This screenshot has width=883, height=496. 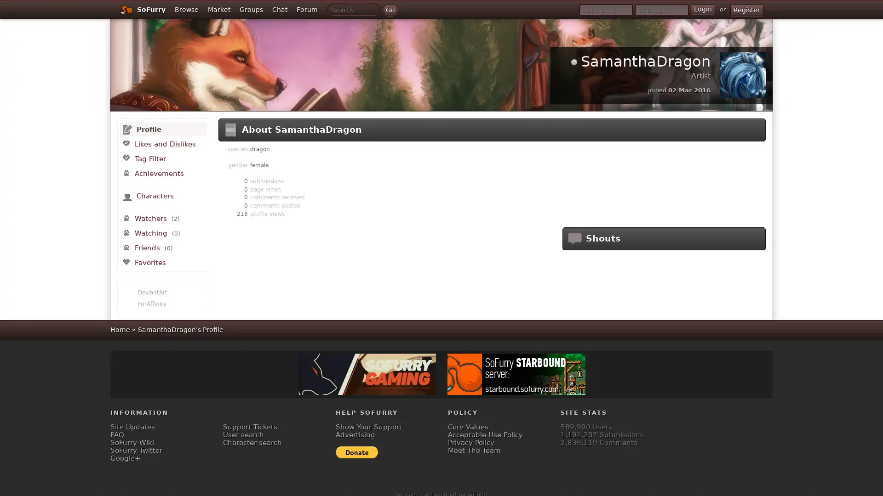 What do you see at coordinates (355, 451) in the screenshot?
I see `Donate to SoFurry` at bounding box center [355, 451].